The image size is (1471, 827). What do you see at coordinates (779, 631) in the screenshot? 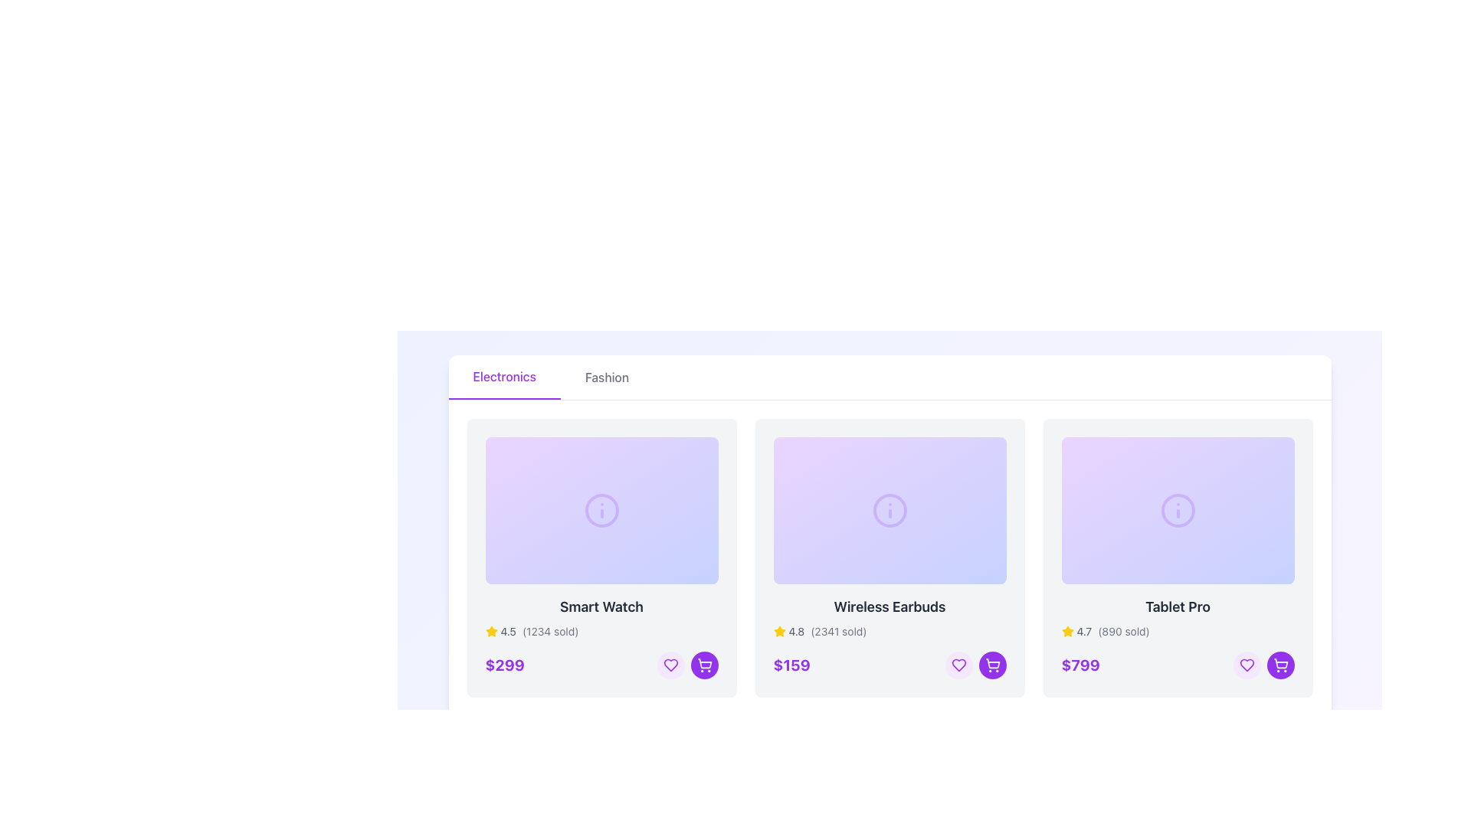
I see `the filled yellow star-shaped rating icon for 'Wireless Earbuds' to rate or view rating details` at bounding box center [779, 631].